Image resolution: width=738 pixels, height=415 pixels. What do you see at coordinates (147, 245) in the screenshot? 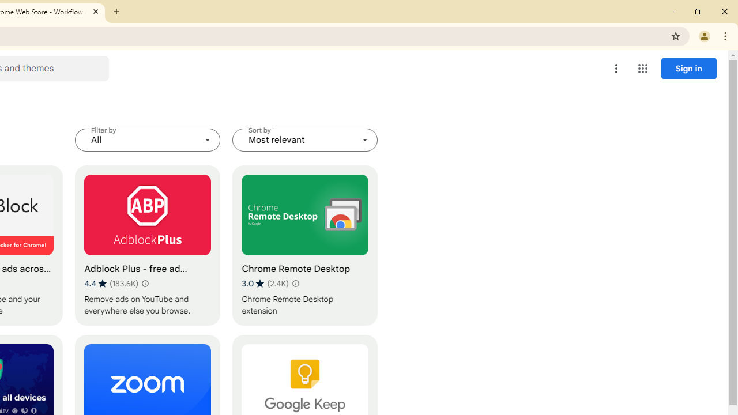
I see `'Adblock Plus - free ad blocker'` at bounding box center [147, 245].